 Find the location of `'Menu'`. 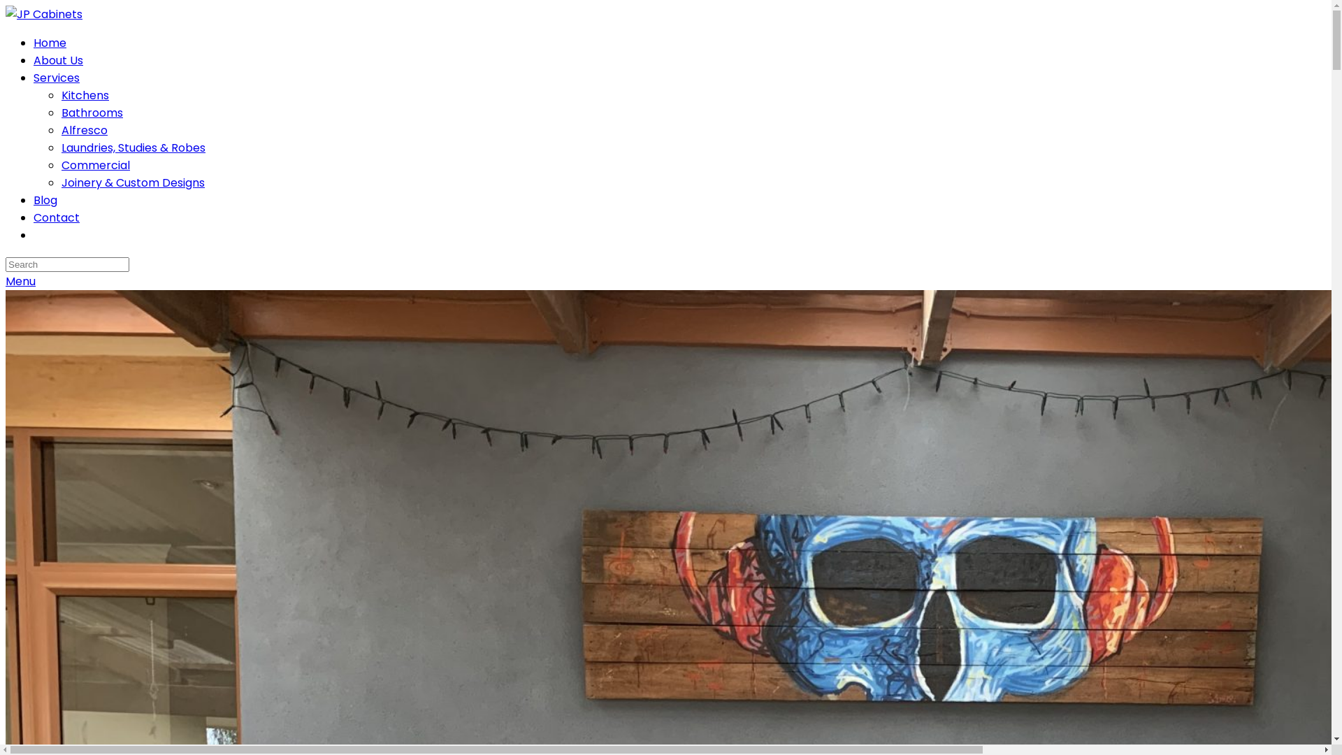

'Menu' is located at coordinates (20, 281).